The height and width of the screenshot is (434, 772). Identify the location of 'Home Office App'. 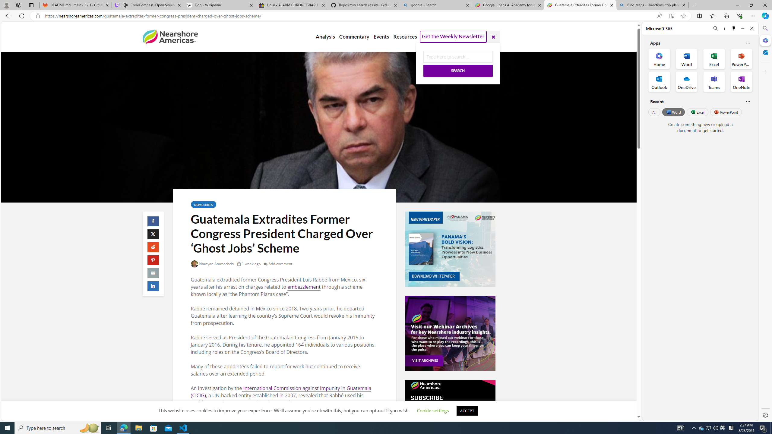
(659, 59).